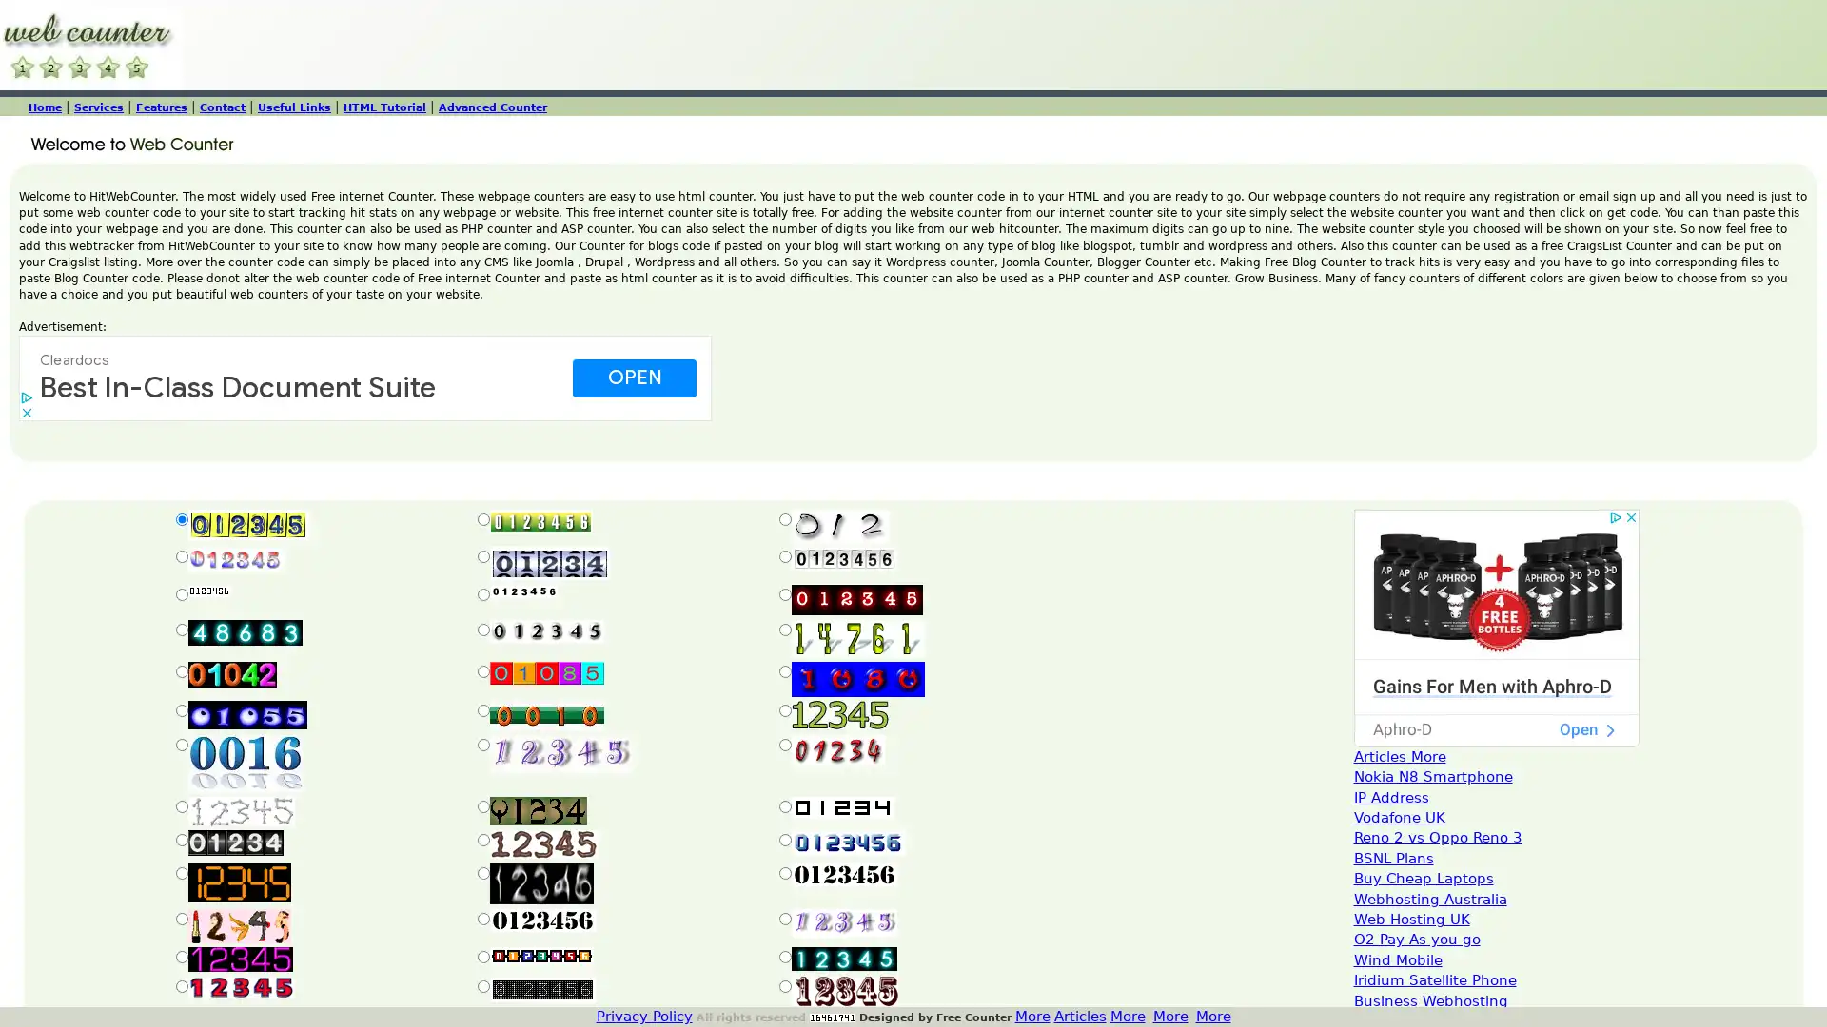 The width and height of the screenshot is (1827, 1027). I want to click on Submit, so click(537, 810).